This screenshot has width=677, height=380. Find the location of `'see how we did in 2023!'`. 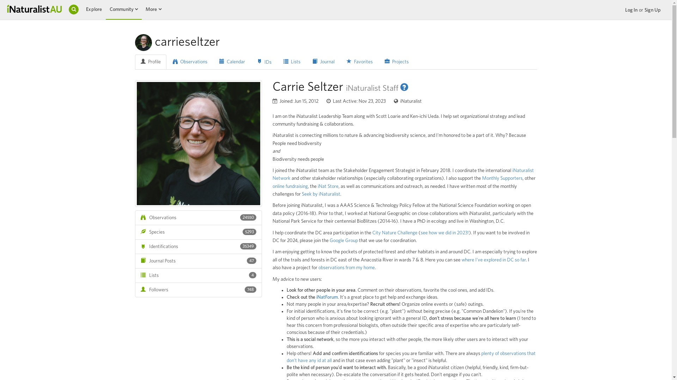

'see how we did in 2023!' is located at coordinates (444, 233).